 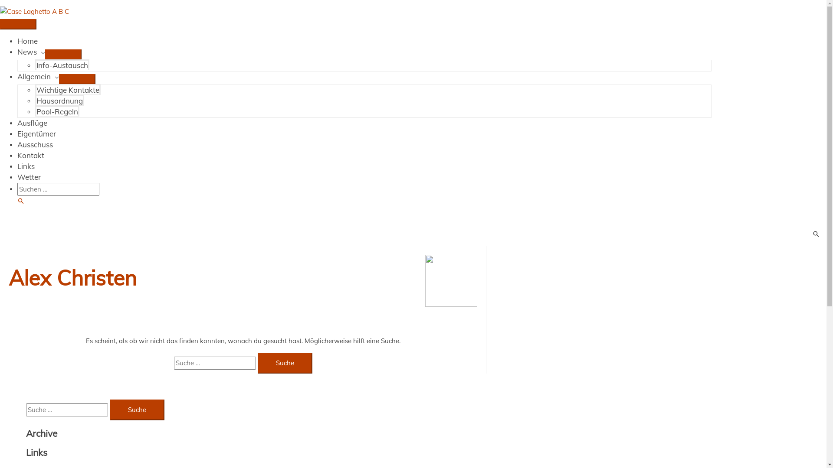 I want to click on 'News', so click(x=17, y=52).